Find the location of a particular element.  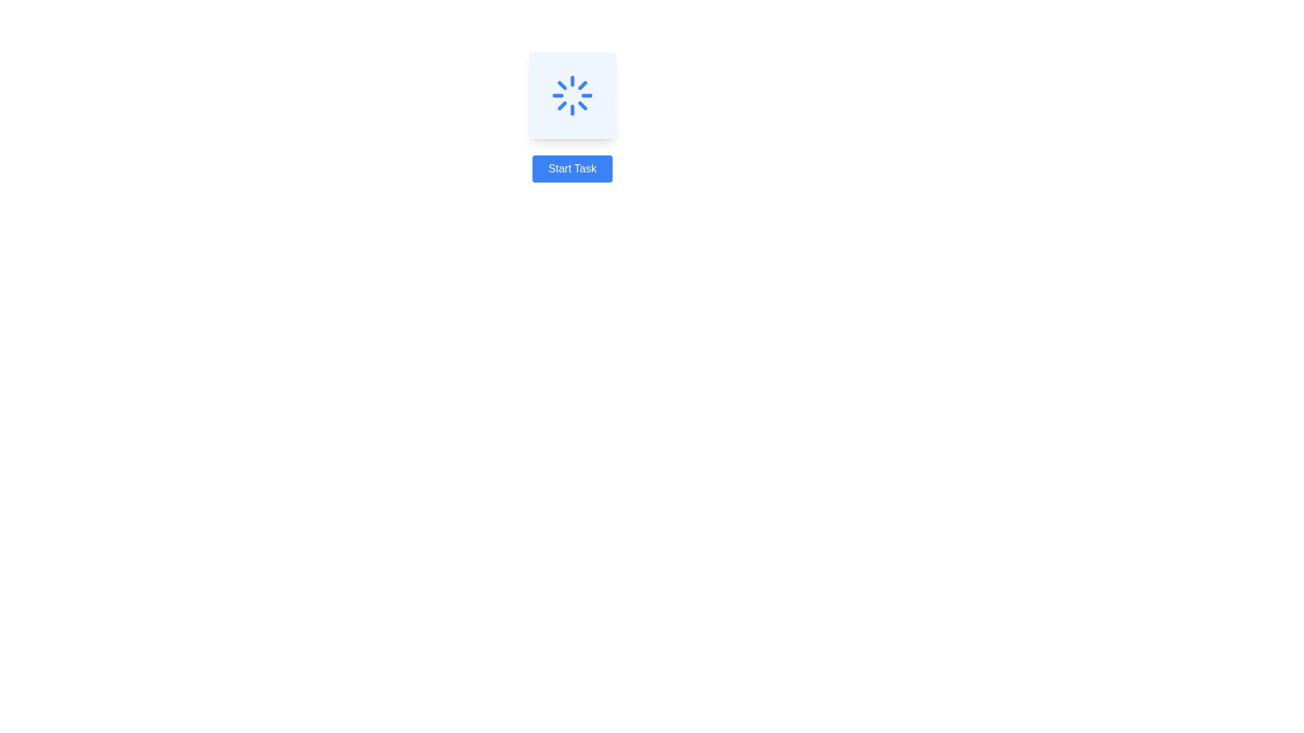

the button located at the bottom of the vertical layout is located at coordinates (573, 168).